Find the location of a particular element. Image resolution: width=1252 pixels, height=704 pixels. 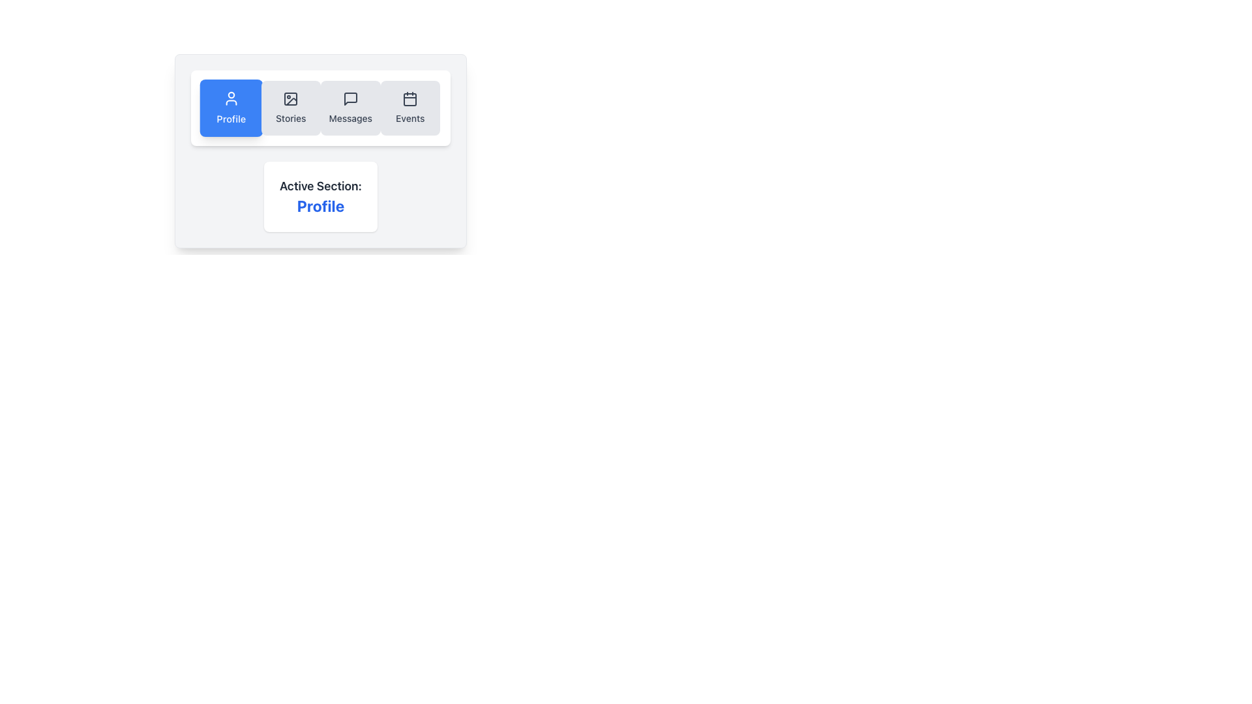

the Events icon located at the top-right of the button group, adjacent to the 'Events' text label is located at coordinates (410, 98).